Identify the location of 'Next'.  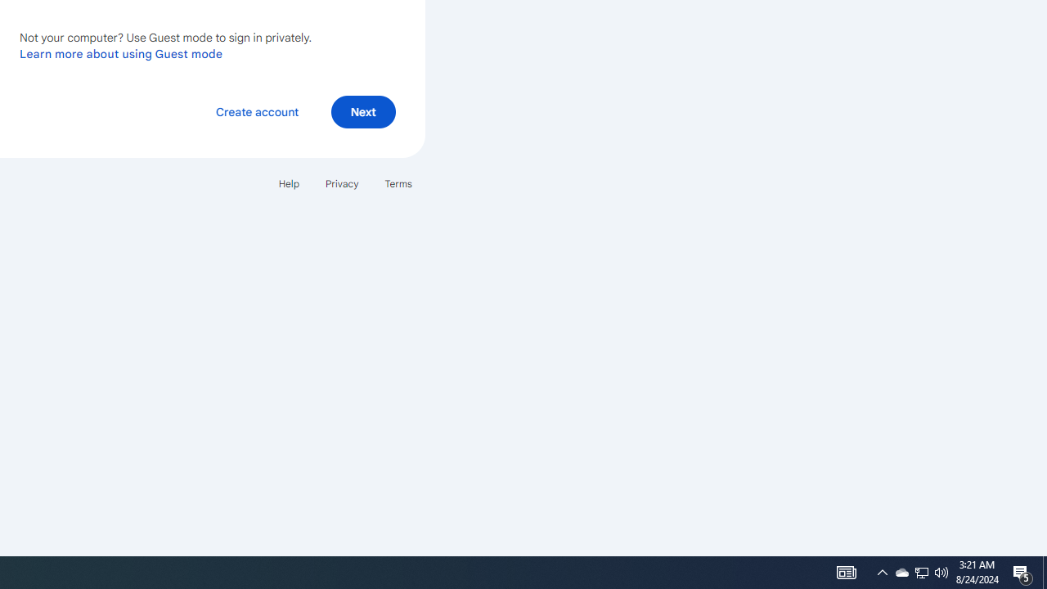
(362, 110).